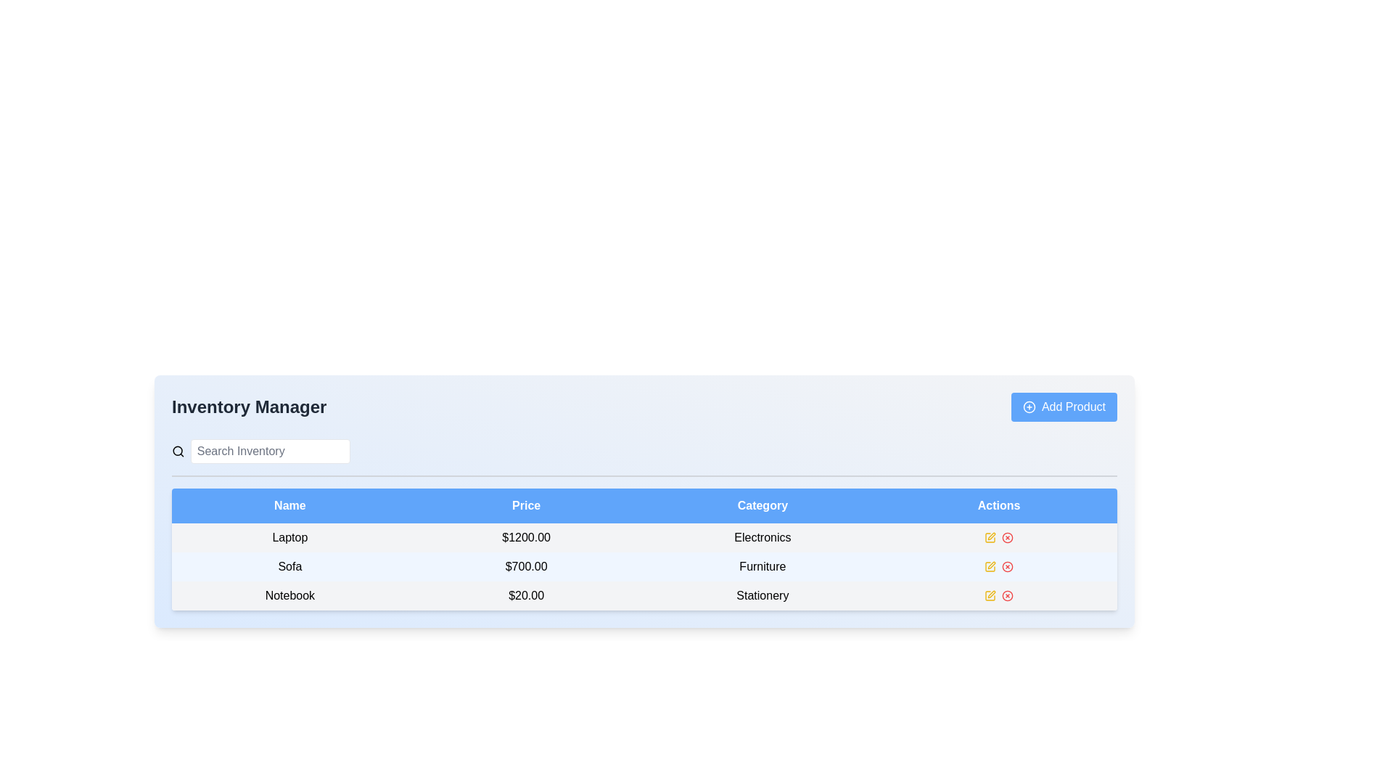  Describe the element at coordinates (989, 565) in the screenshot. I see `the first action button in the 'Actions' column of the table for the 'Sofa' entry to initiate the editing process` at that location.